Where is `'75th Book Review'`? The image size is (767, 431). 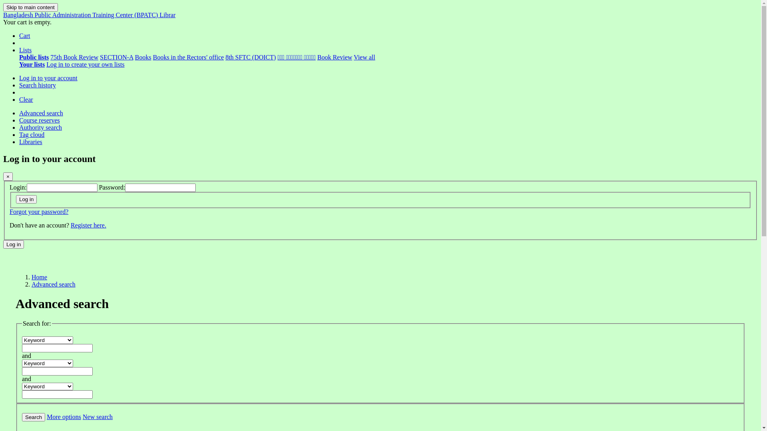 '75th Book Review' is located at coordinates (74, 57).